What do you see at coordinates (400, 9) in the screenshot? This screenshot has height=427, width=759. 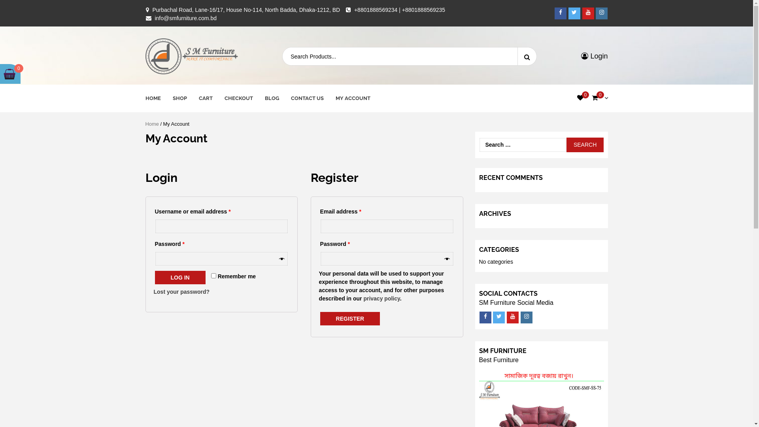 I see `'+8801888569234 | +8801888569235'` at bounding box center [400, 9].